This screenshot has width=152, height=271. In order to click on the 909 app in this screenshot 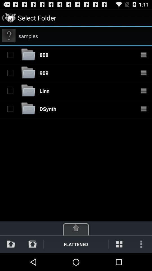, I will do `click(44, 72)`.